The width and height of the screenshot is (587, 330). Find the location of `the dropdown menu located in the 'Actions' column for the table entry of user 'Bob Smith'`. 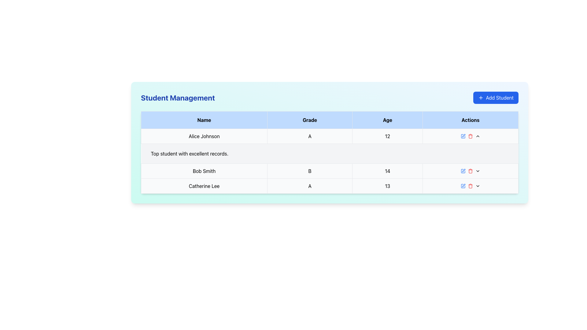

the dropdown menu located in the 'Actions' column for the table entry of user 'Bob Smith' is located at coordinates (470, 171).